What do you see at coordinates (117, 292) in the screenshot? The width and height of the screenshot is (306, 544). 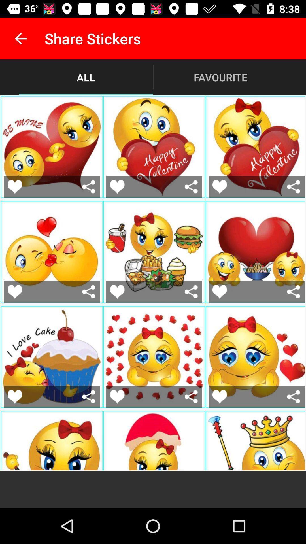 I see `like this sticker` at bounding box center [117, 292].